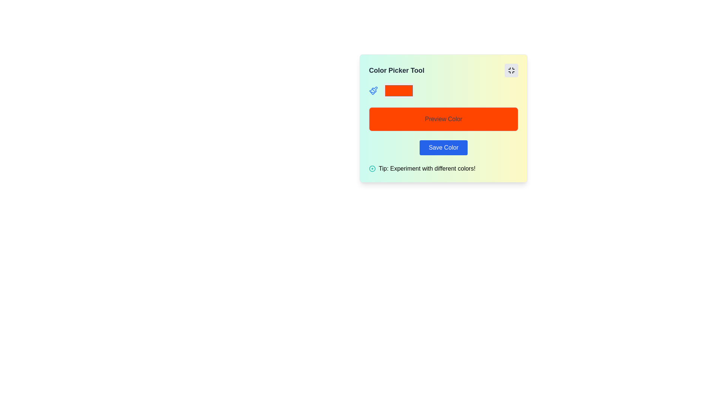  Describe the element at coordinates (443, 147) in the screenshot. I see `the button with a blue background and white text that says 'Save Color', located below the 'Preview Color' button and above the text 'Tip: Experiment with different colors!'` at that location.